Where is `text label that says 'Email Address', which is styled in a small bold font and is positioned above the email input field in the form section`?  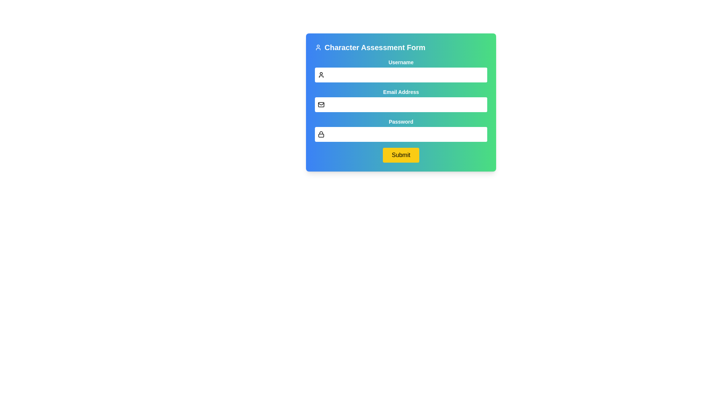
text label that says 'Email Address', which is styled in a small bold font and is positioned above the email input field in the form section is located at coordinates (401, 91).